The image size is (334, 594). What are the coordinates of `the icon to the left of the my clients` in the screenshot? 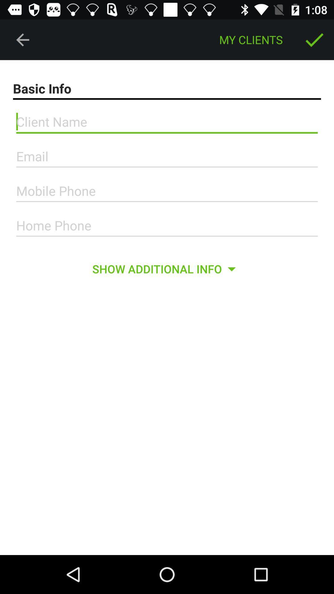 It's located at (22, 39).